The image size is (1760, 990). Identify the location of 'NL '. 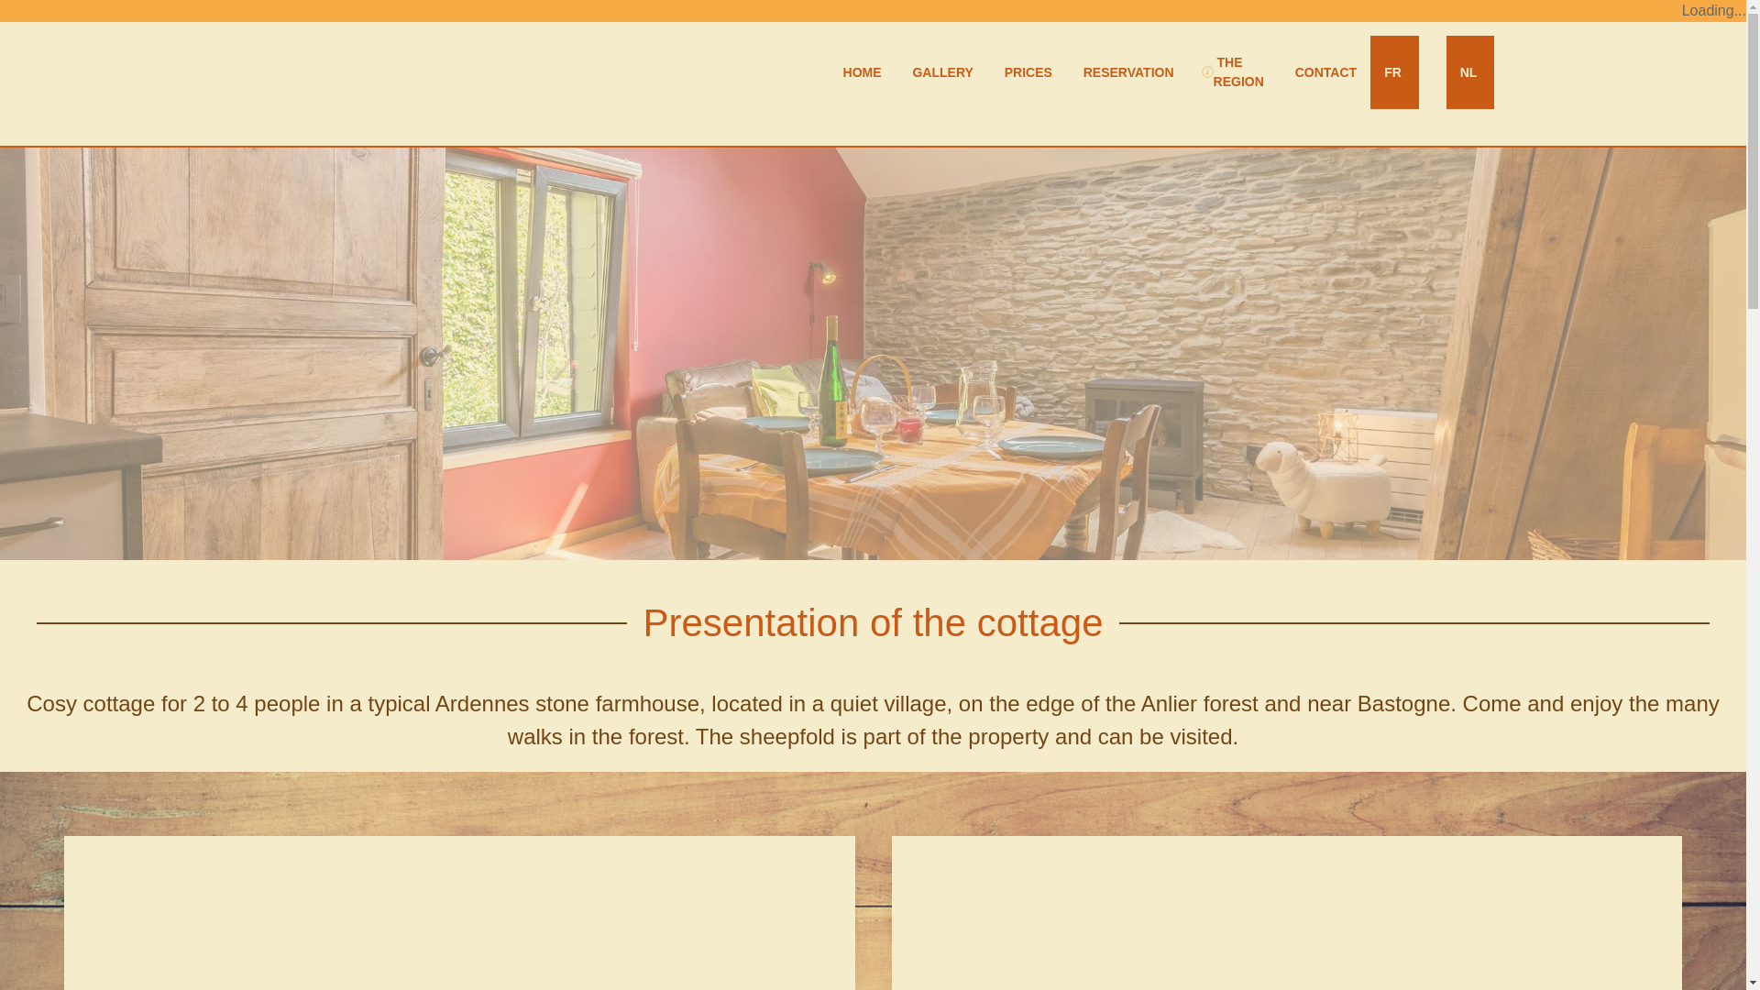
(1469, 71).